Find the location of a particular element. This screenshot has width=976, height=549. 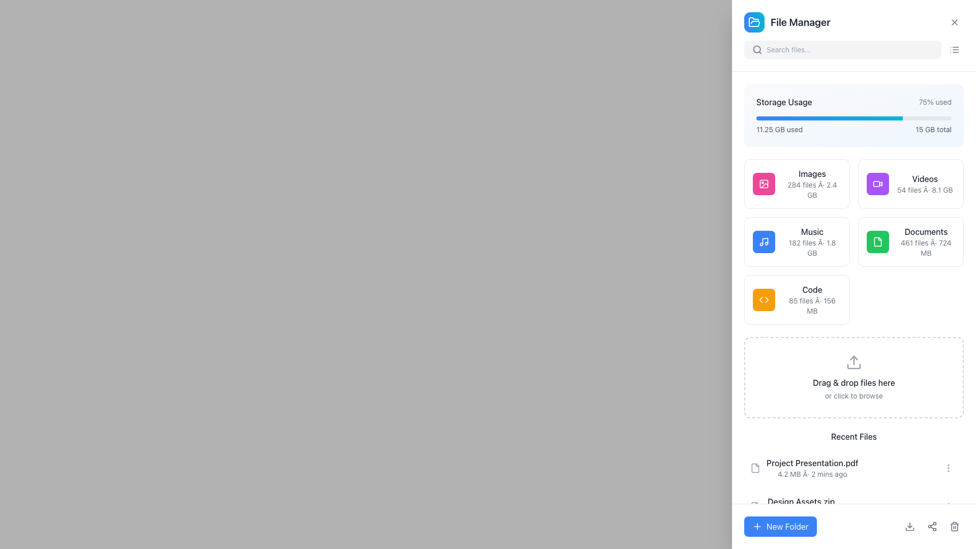

the 'Images' icon, which is the first item in a group of five colorful boxes representing different file categories is located at coordinates (764, 184).